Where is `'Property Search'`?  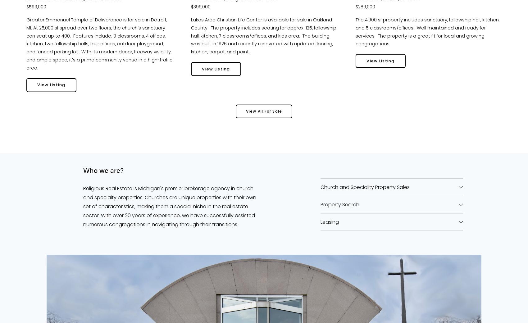 'Property Search' is located at coordinates (320, 204).